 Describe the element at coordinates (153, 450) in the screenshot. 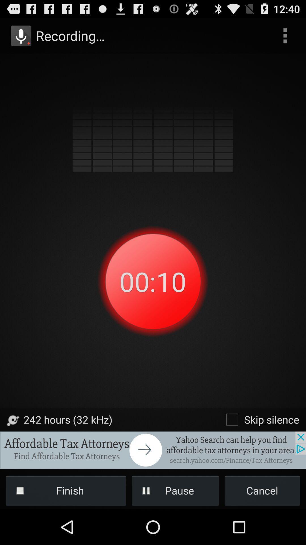

I see `advertisement banner` at that location.